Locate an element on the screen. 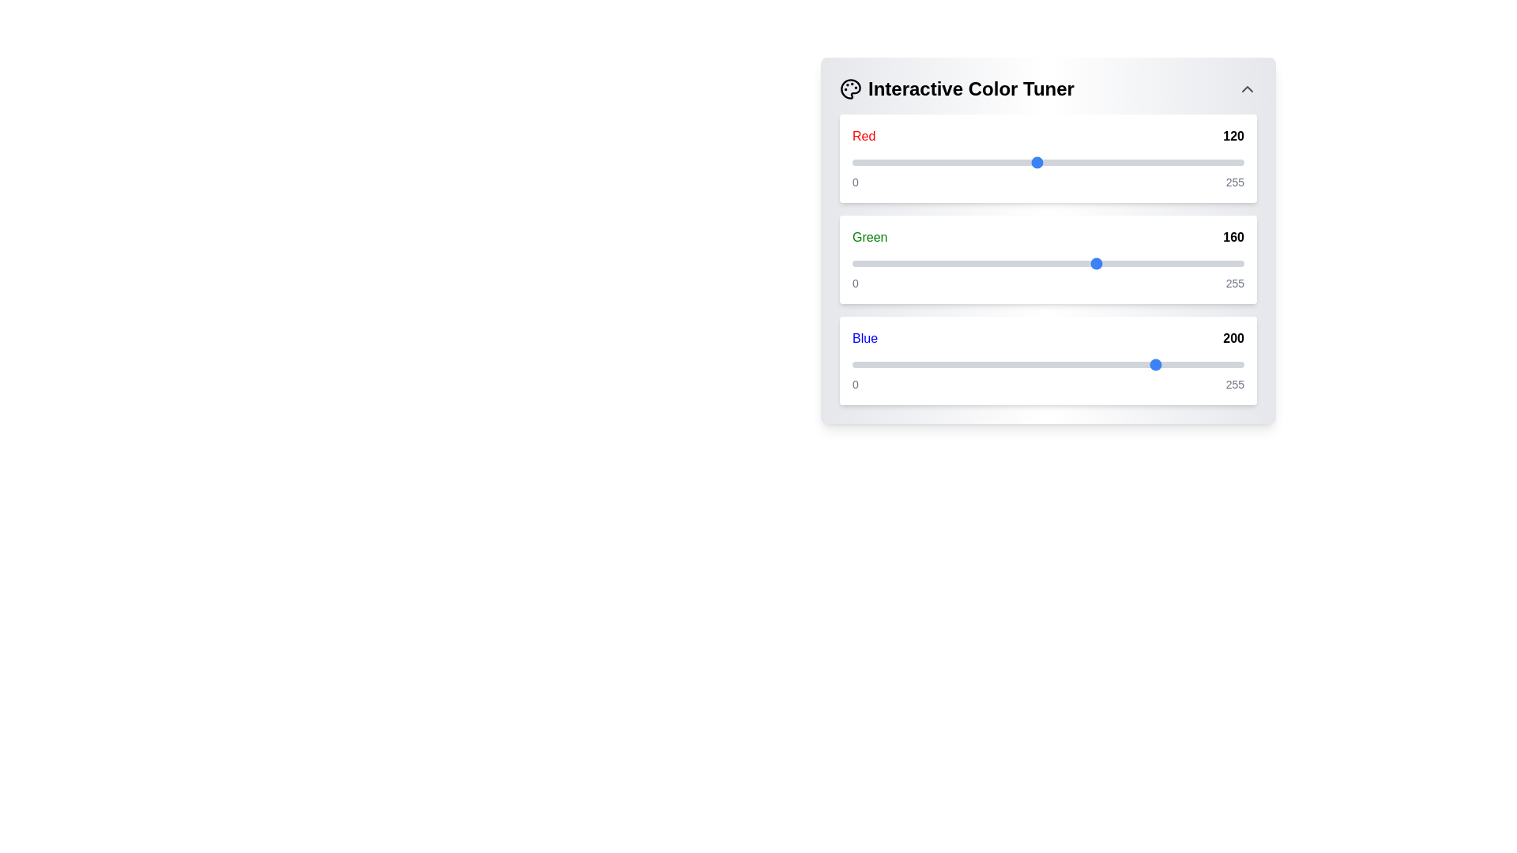  the upward-pointing arrow icon located at the top-right corner of the 'Interactive Color Tuner' header bar is located at coordinates (1247, 88).